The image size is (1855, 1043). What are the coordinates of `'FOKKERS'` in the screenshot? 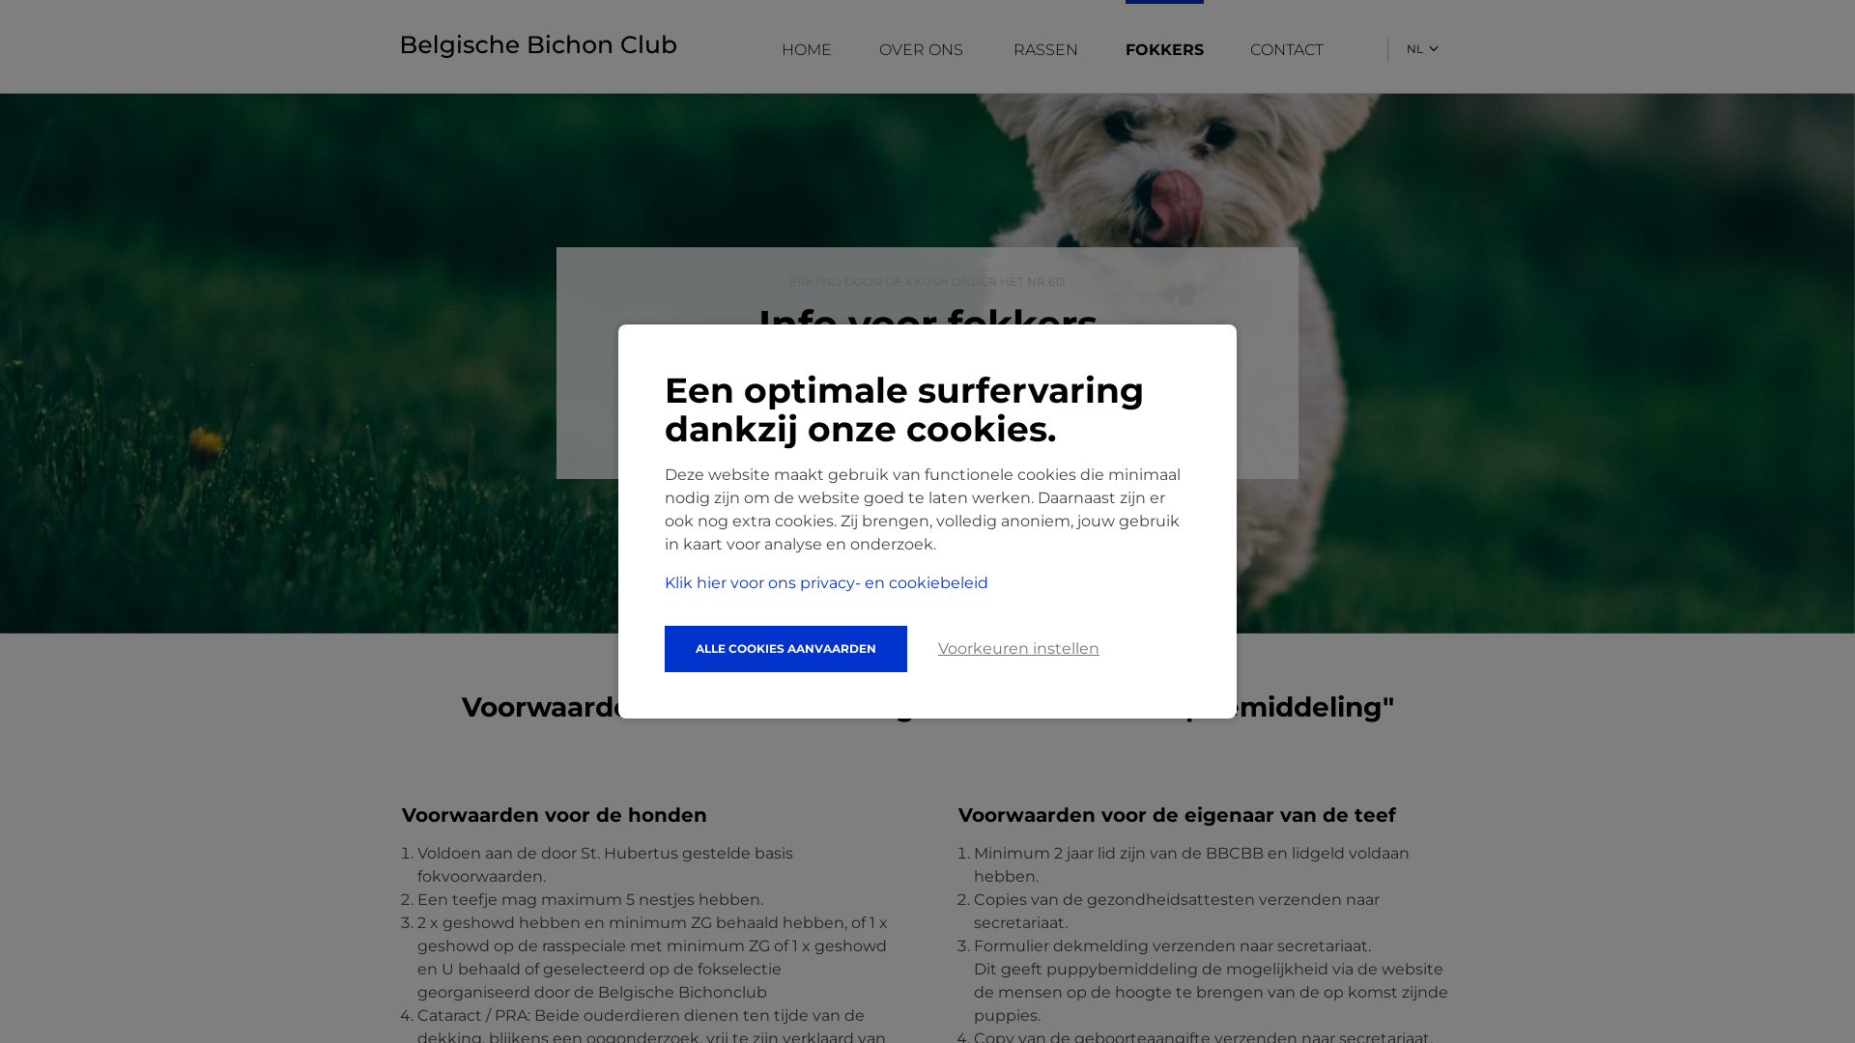 It's located at (1126, 48).